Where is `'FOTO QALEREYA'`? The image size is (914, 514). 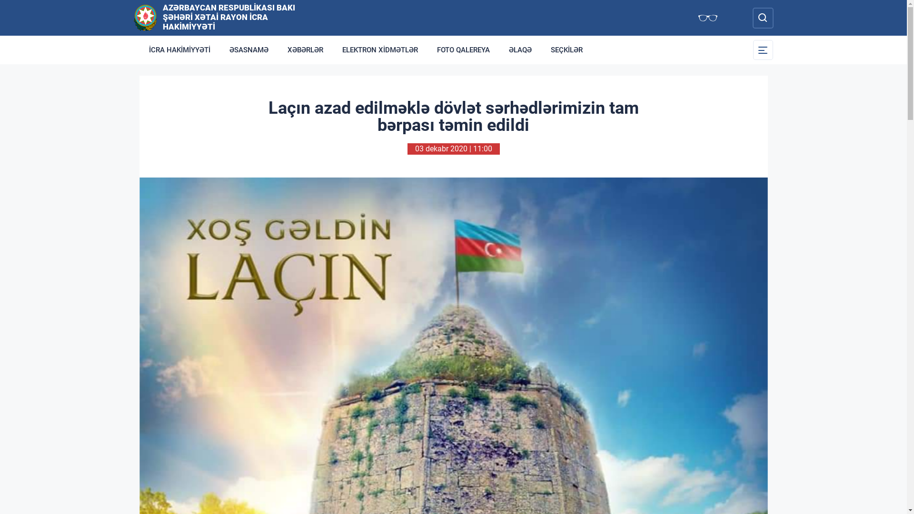
'FOTO QALEREYA' is located at coordinates (463, 49).